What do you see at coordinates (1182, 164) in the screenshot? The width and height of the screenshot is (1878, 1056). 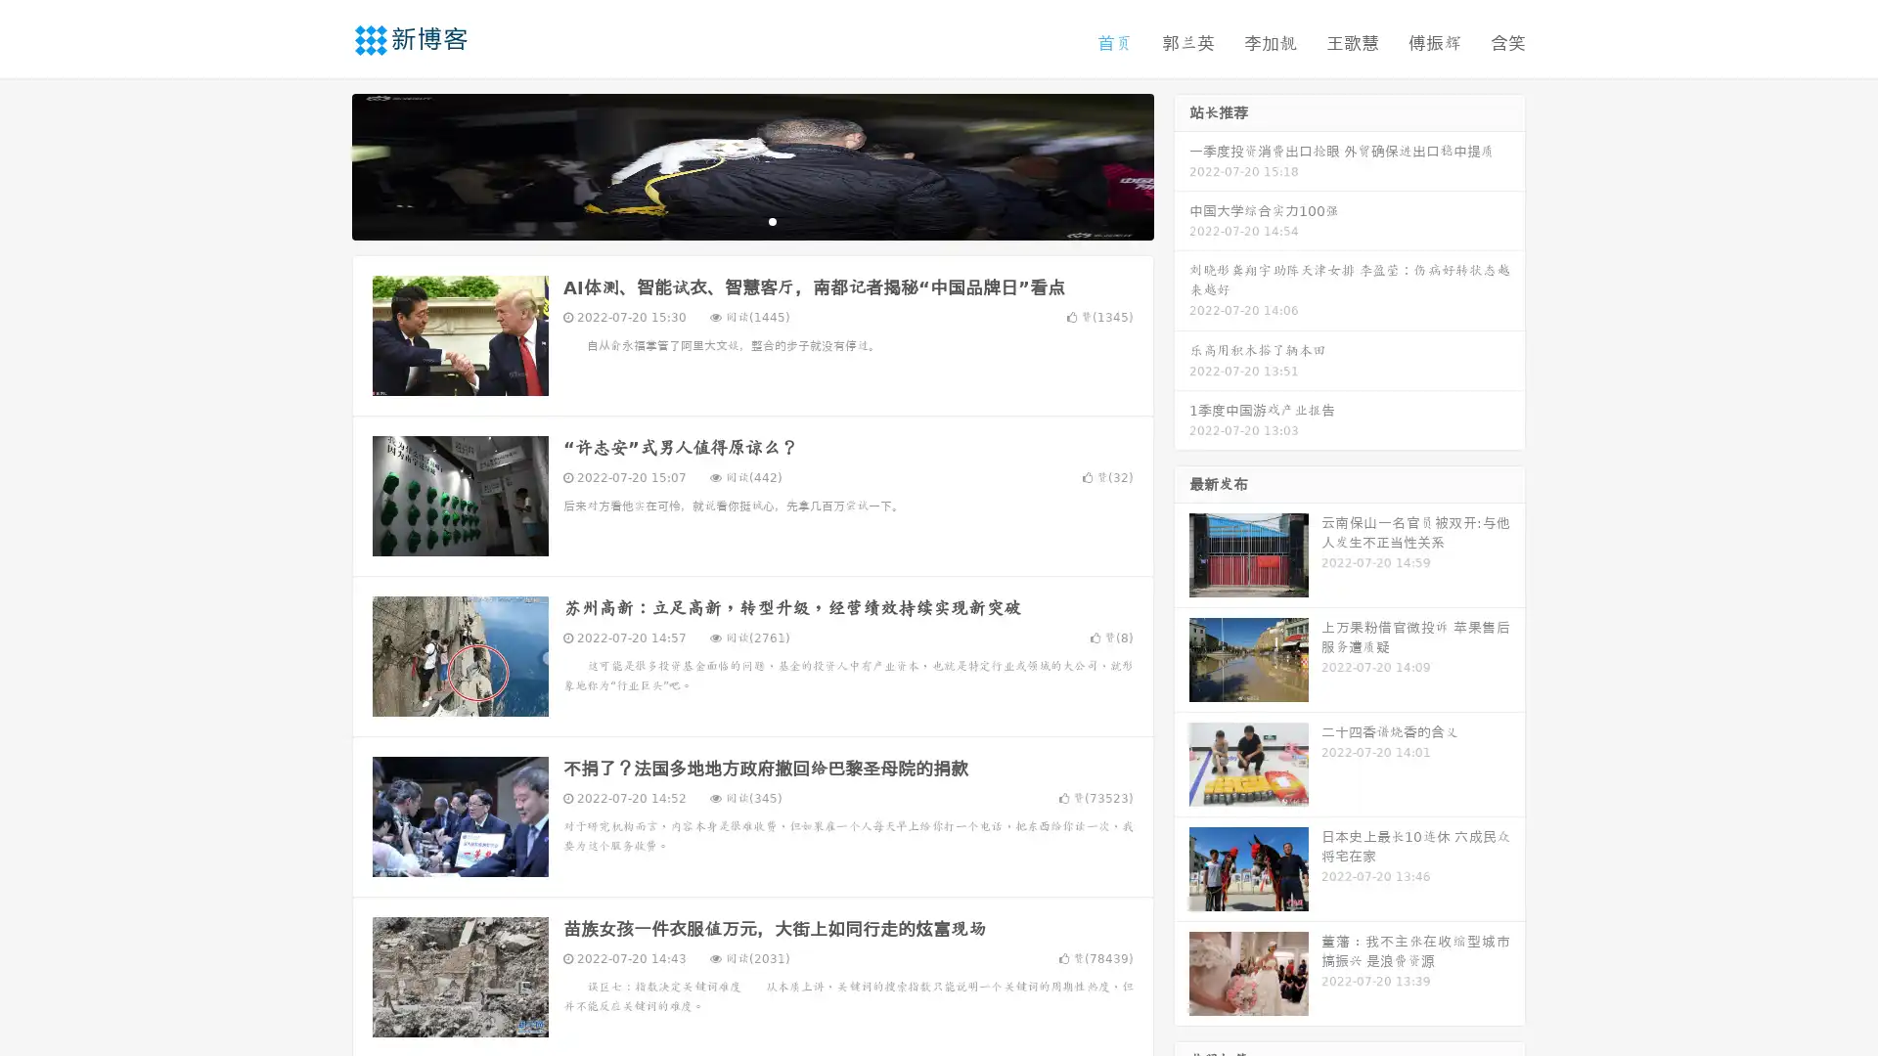 I see `Next slide` at bounding box center [1182, 164].